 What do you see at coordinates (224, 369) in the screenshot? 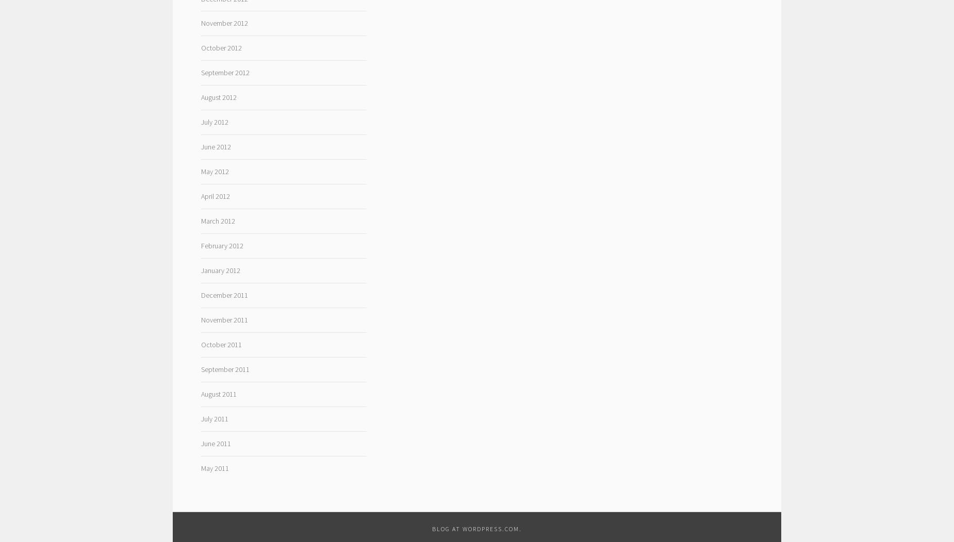
I see `'September 2011'` at bounding box center [224, 369].